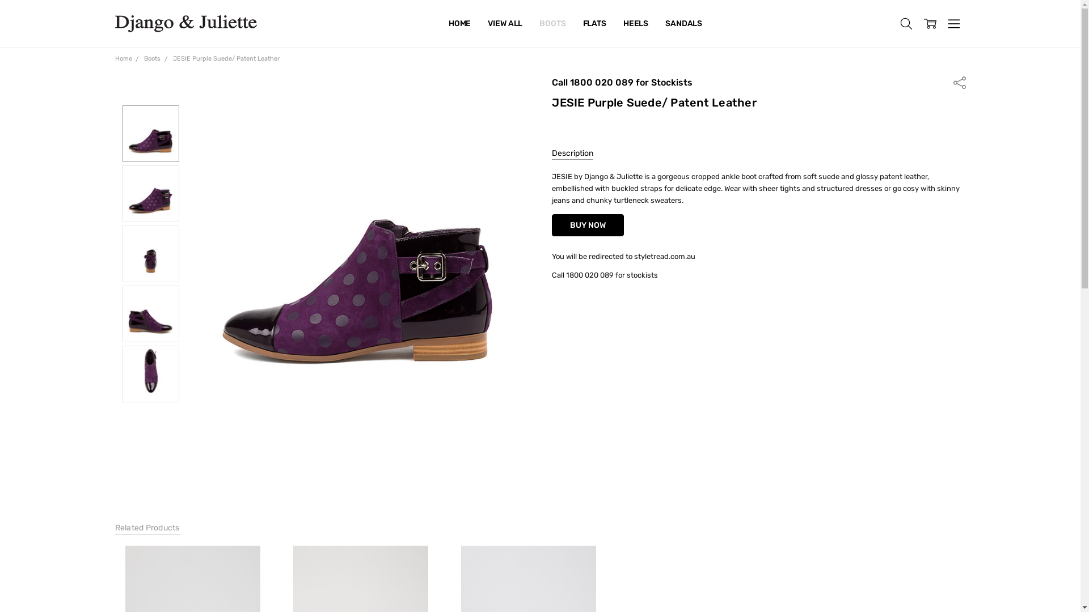 This screenshot has height=612, width=1089. What do you see at coordinates (357, 246) in the screenshot?
I see `'JESIE Purple Suede/ Patent Leather'` at bounding box center [357, 246].